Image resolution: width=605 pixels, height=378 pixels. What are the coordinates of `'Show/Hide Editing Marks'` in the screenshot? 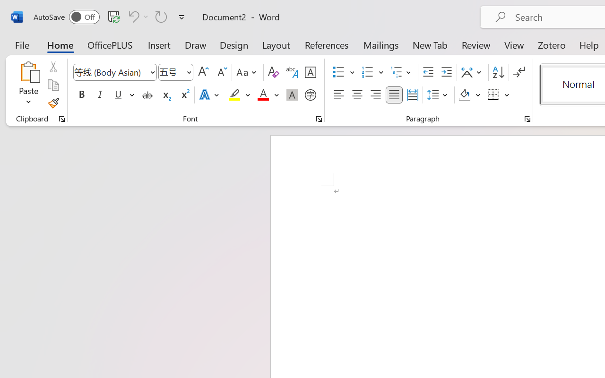 It's located at (519, 72).